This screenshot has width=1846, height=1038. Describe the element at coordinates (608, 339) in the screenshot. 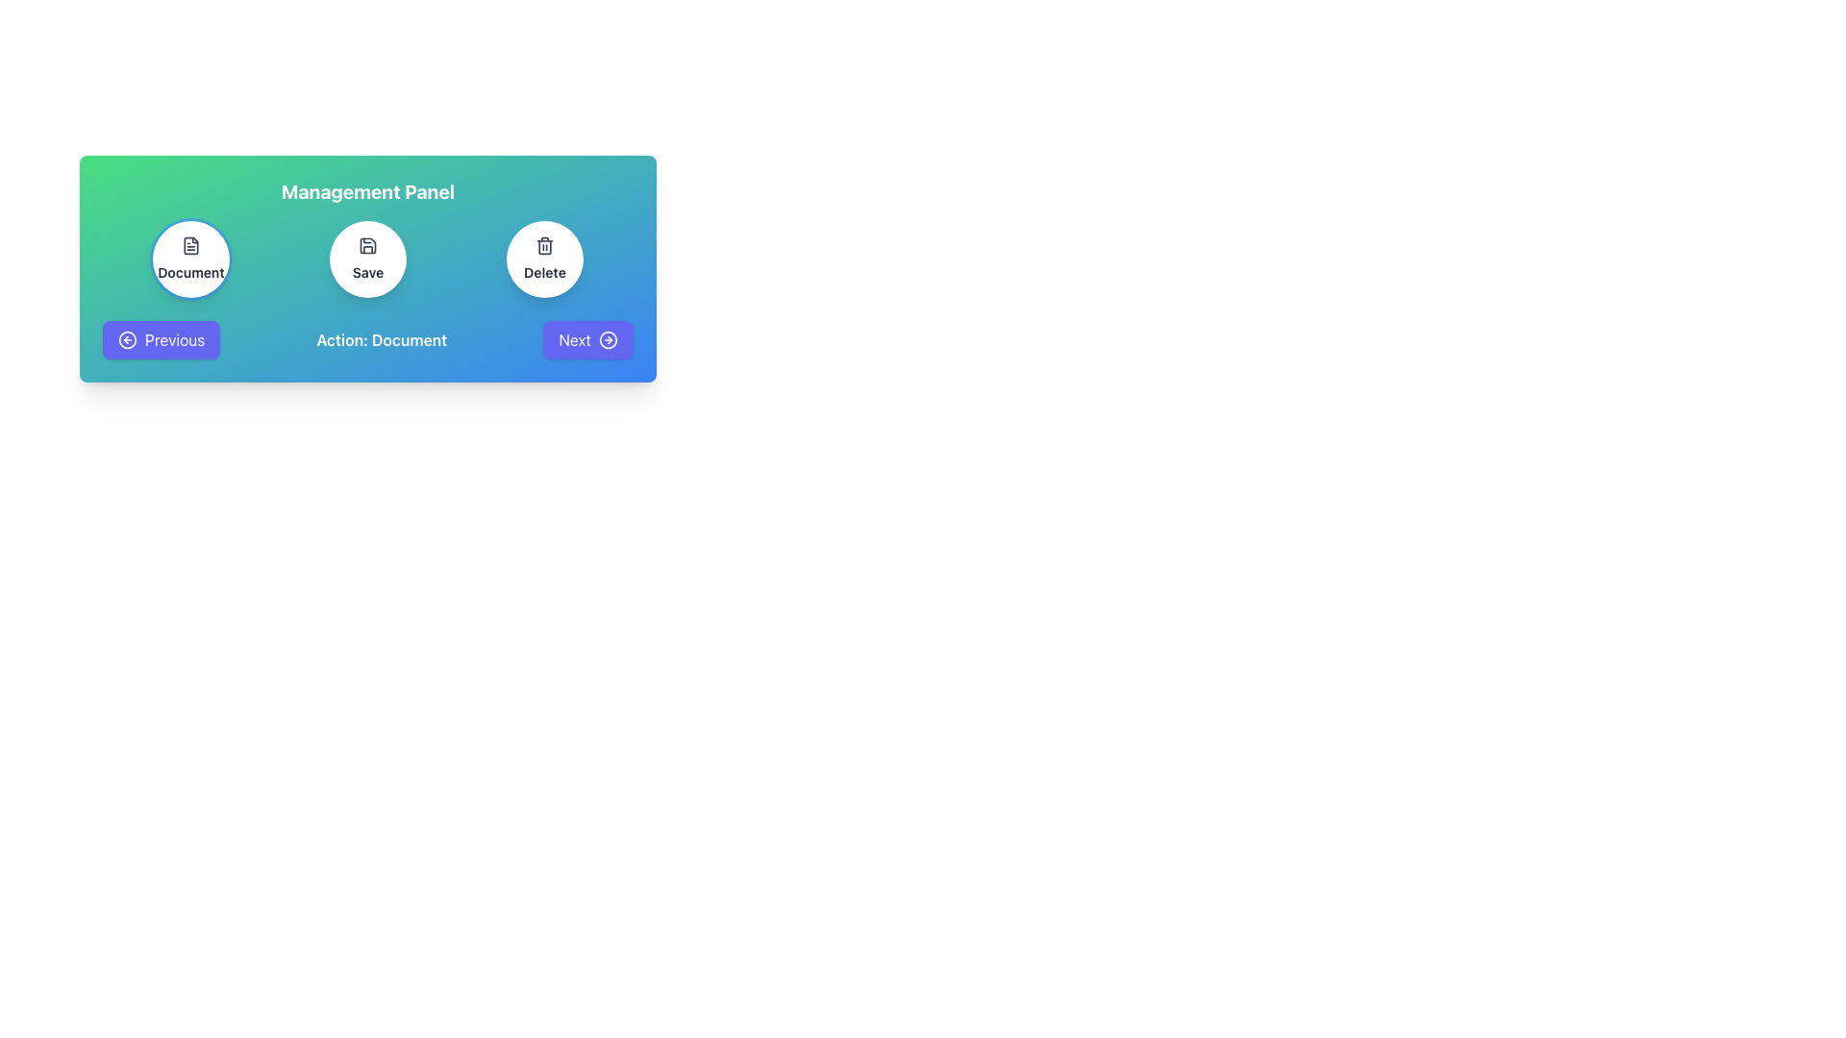

I see `the decorative SVG Circle that visually supports the 'Next' button at the bottom-right of the main panel` at that location.